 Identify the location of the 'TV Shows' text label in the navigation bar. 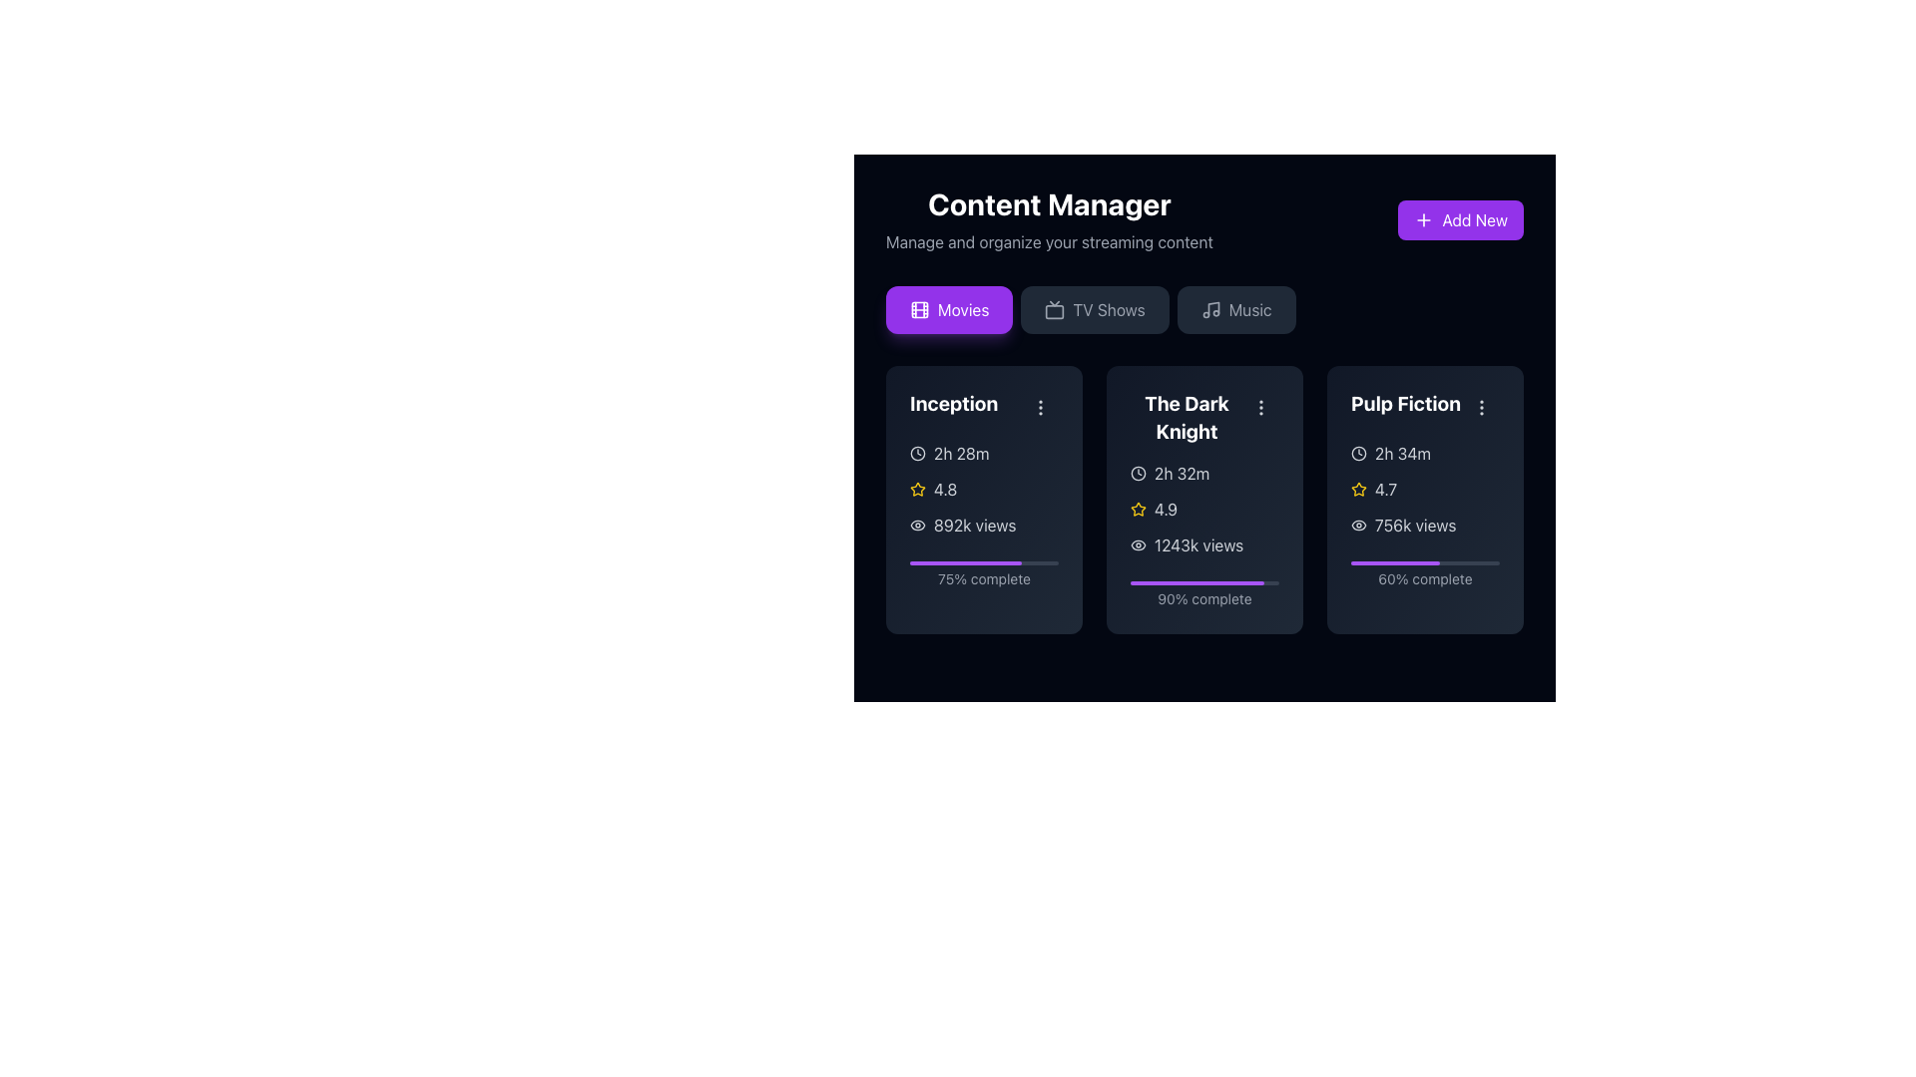
(1108, 310).